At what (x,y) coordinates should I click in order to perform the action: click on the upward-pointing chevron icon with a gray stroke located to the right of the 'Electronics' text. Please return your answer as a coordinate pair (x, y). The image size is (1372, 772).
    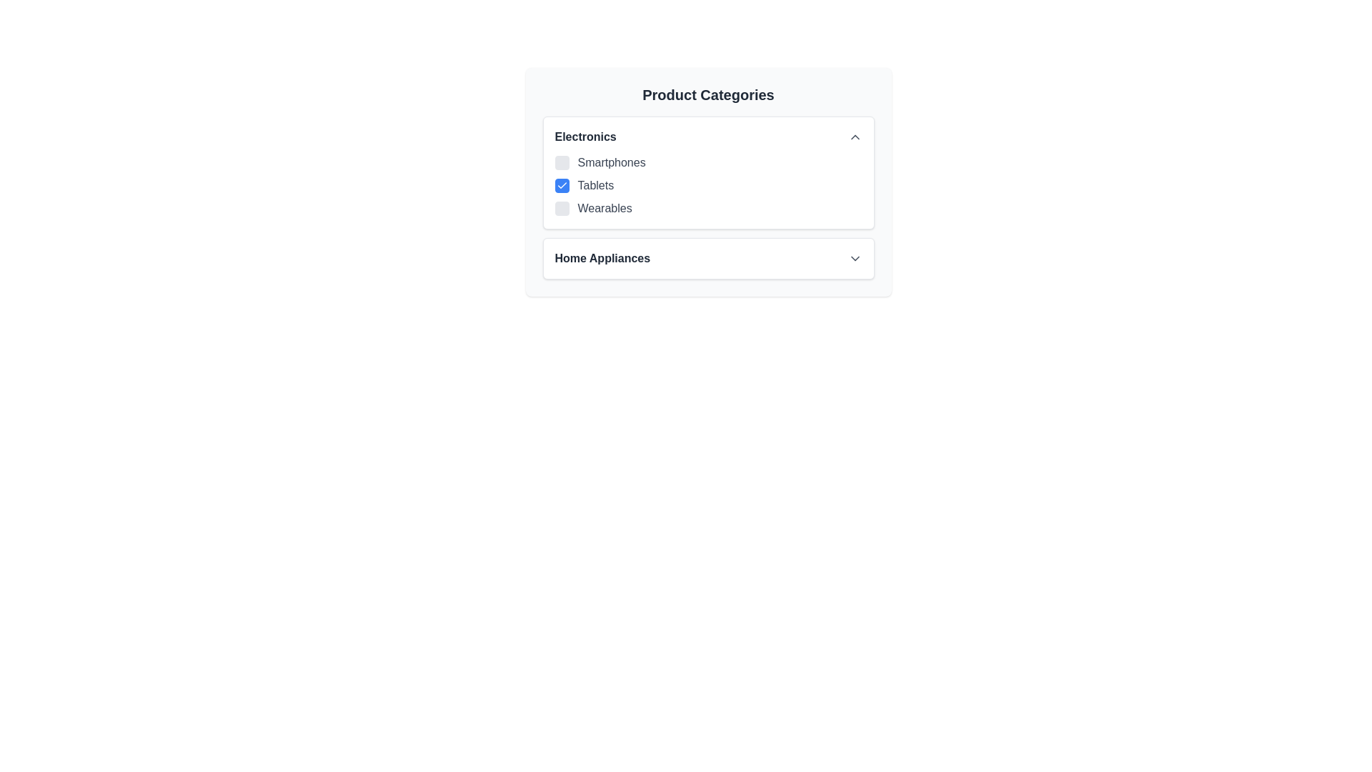
    Looking at the image, I should click on (855, 137).